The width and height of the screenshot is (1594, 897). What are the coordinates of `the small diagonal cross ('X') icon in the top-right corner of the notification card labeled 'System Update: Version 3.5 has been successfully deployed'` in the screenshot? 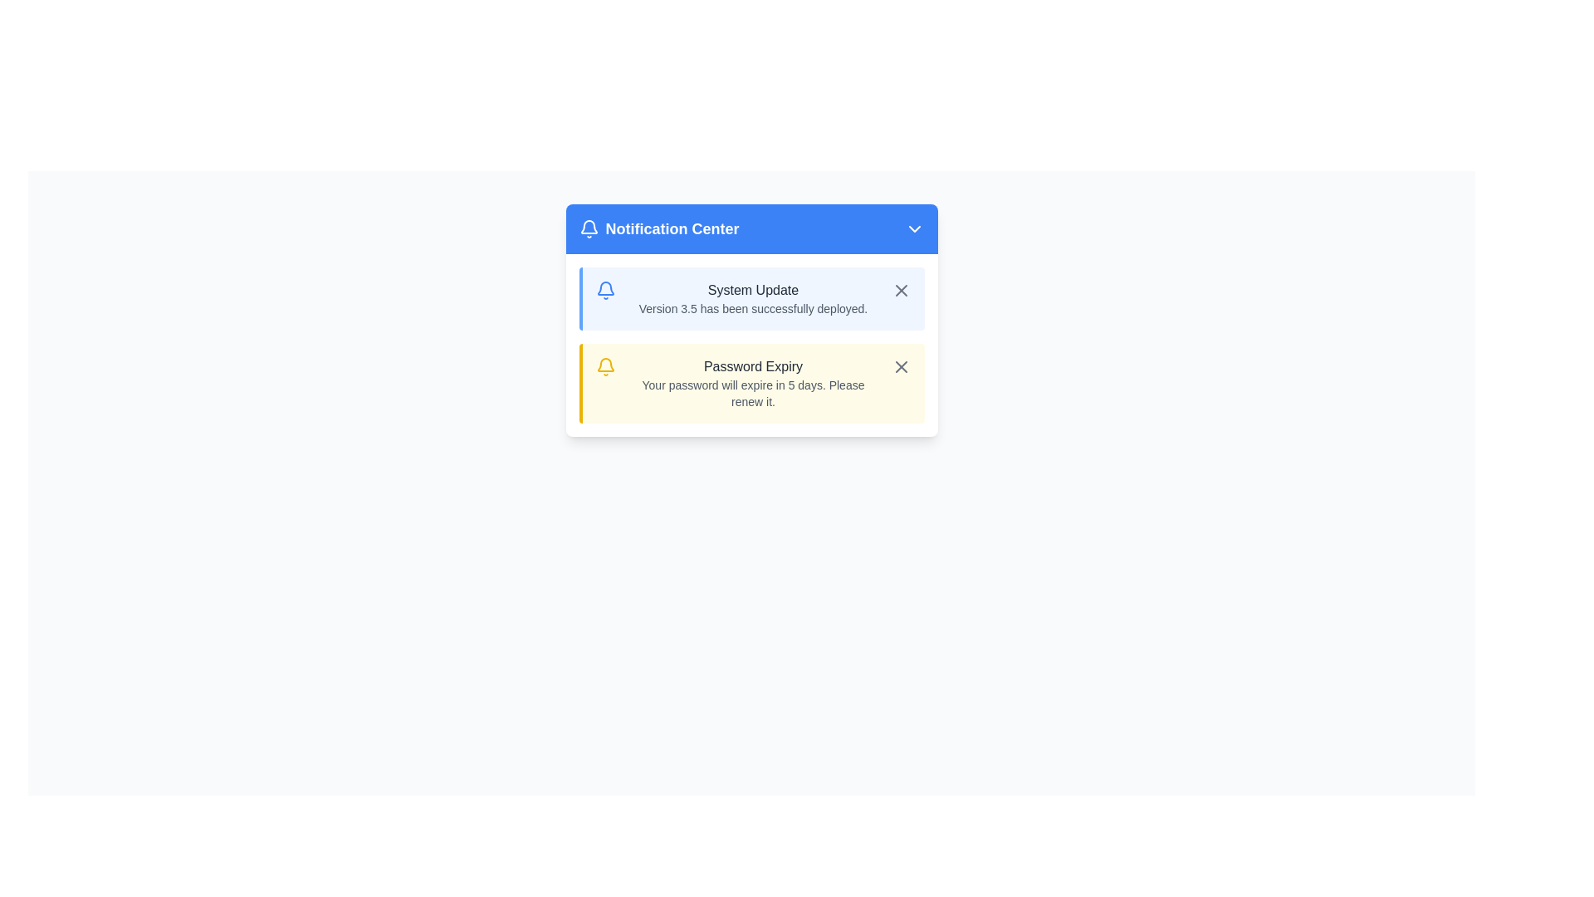 It's located at (900, 290).